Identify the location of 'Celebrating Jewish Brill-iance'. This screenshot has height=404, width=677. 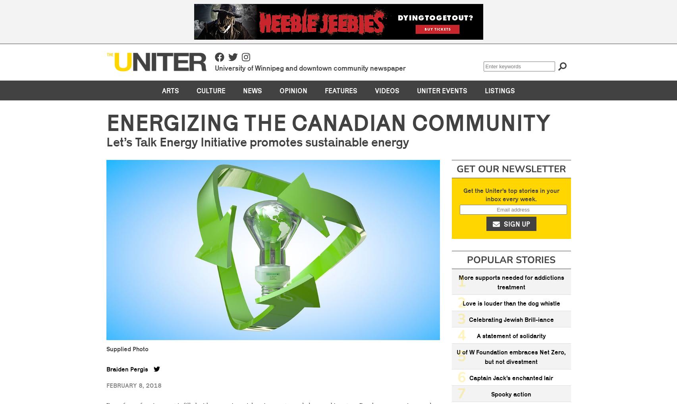
(511, 319).